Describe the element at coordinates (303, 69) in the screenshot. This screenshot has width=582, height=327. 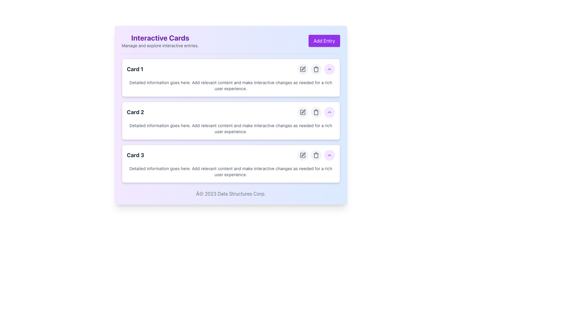
I see `the edit button icon, which is a small gray square with a pen symbol on the right side of 'Card 1' in the interactive card layout` at that location.